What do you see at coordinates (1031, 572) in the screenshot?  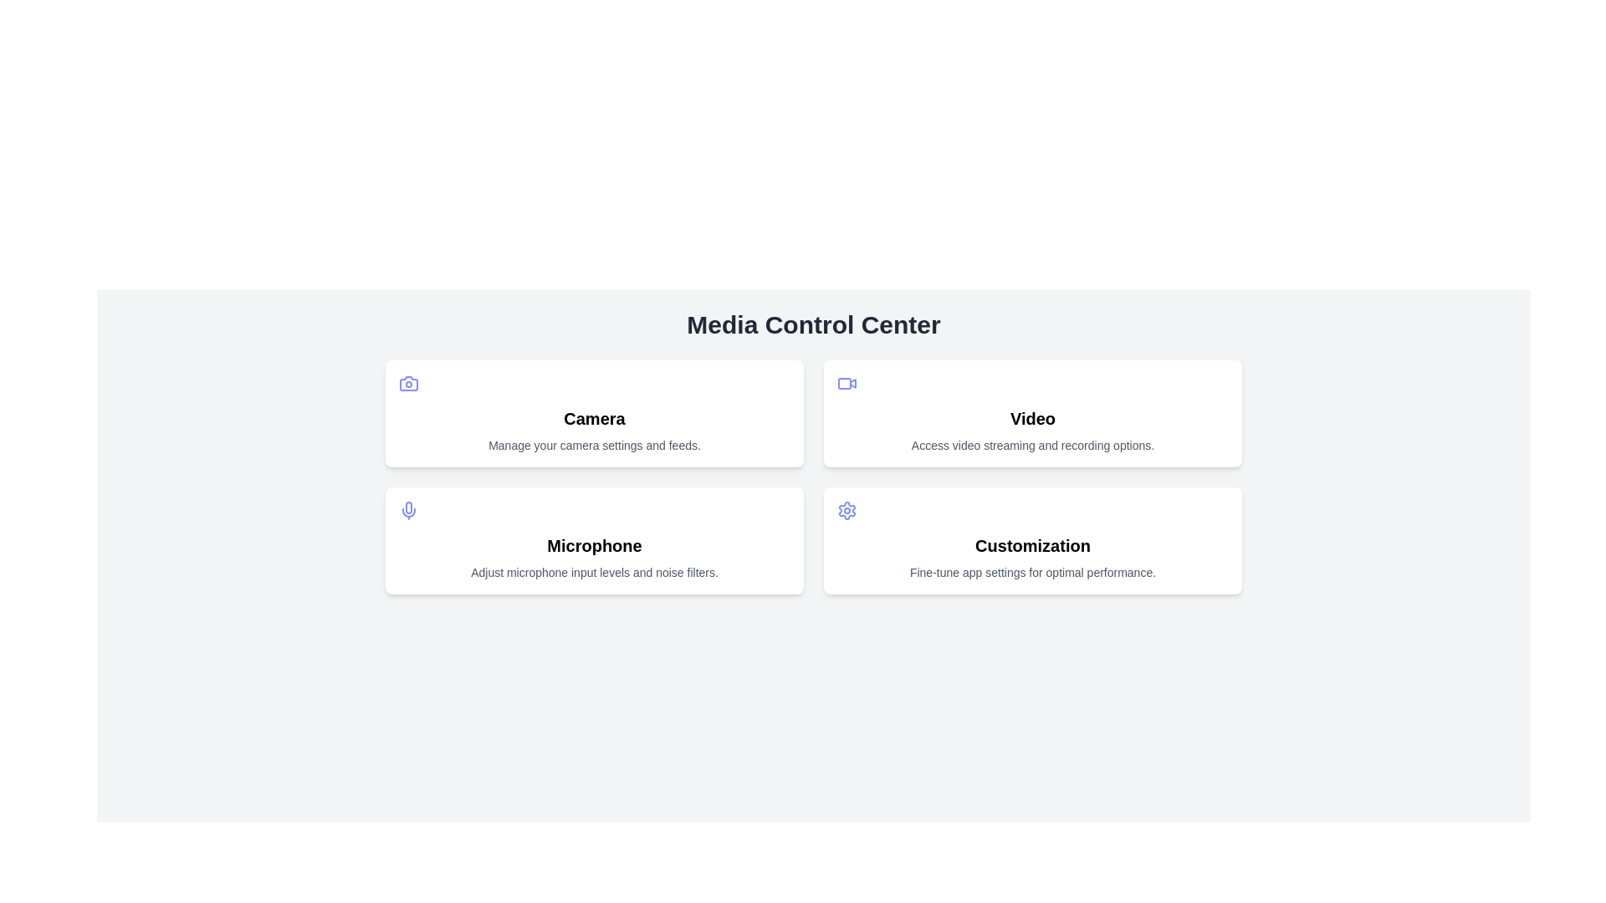 I see `the text label displaying 'Fine-tune app settings for optimal performance.' located beneath the 'Customization' heading in the card layout` at bounding box center [1031, 572].